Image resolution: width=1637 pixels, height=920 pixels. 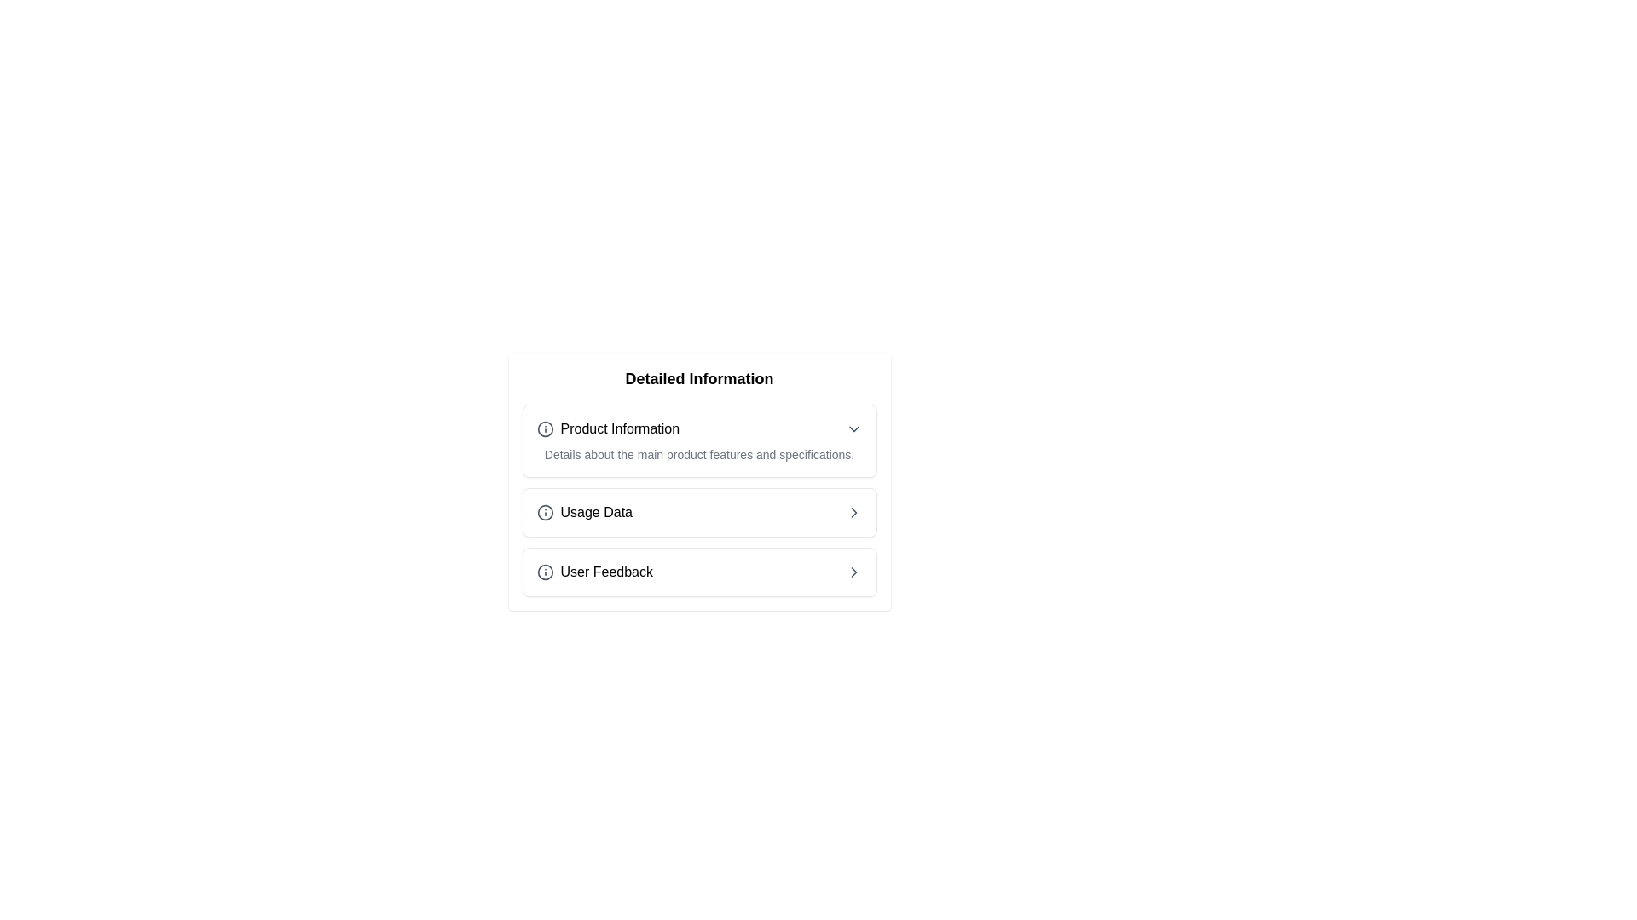 What do you see at coordinates (699, 377) in the screenshot?
I see `text from the centered text component displaying 'Detailed Information' located at the top of the white rectangular card` at bounding box center [699, 377].